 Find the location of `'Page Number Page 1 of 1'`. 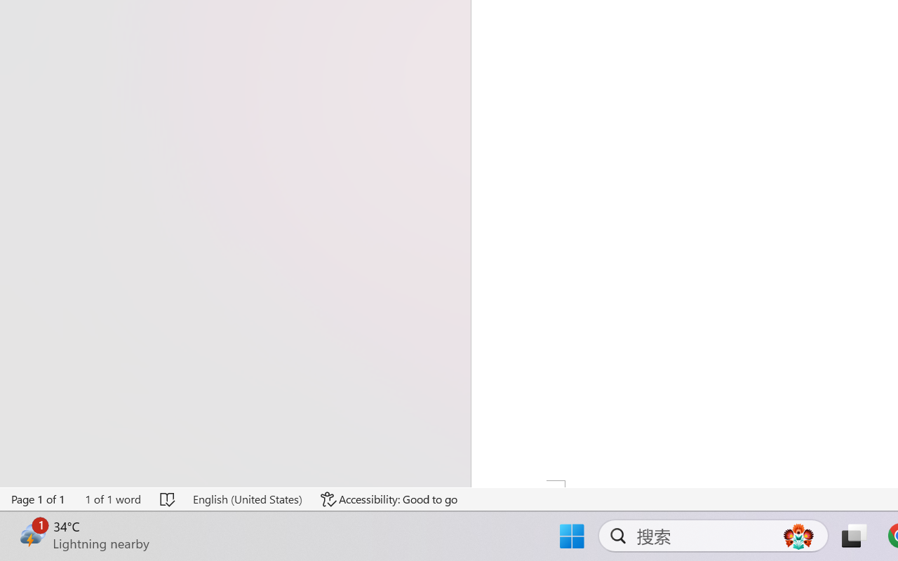

'Page Number Page 1 of 1' is located at coordinates (39, 499).